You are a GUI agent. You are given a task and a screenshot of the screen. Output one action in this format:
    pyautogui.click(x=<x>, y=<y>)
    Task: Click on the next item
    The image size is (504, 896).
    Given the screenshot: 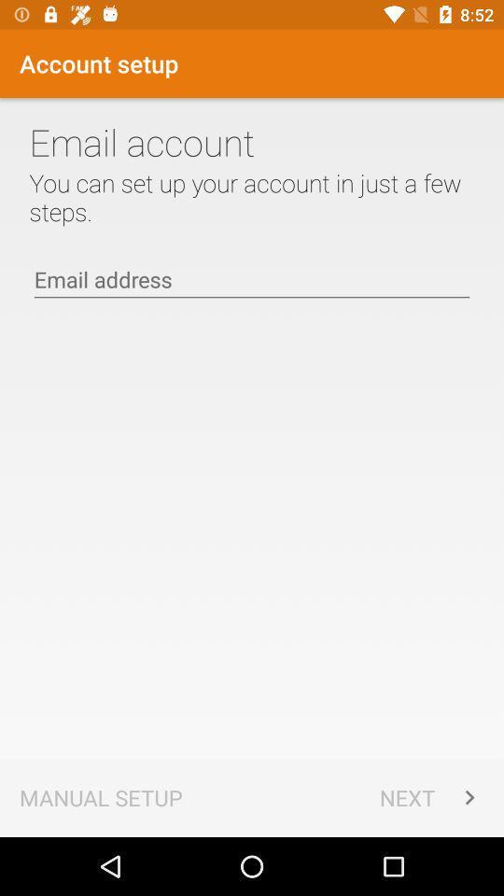 What is the action you would take?
    pyautogui.click(x=431, y=796)
    